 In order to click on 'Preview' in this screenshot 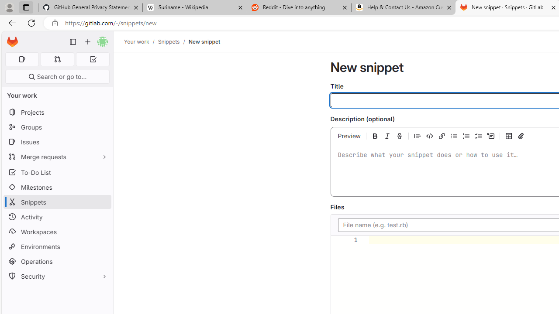, I will do `click(349, 136)`.